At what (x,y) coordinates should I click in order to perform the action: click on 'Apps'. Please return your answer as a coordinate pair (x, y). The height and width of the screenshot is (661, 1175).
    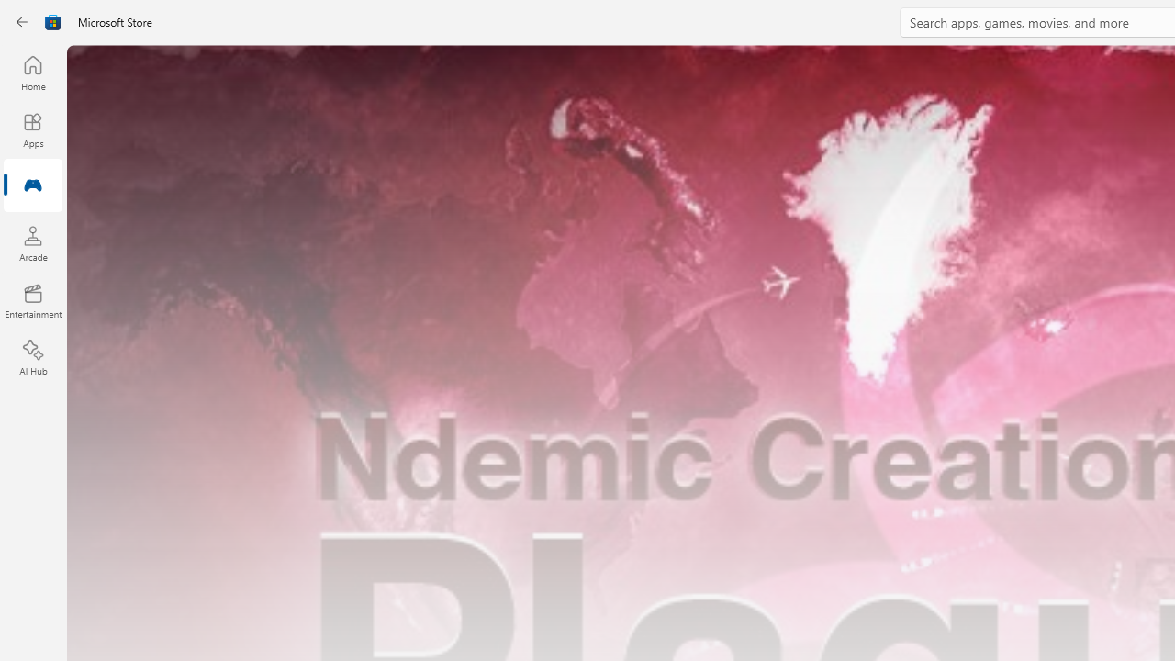
    Looking at the image, I should click on (32, 129).